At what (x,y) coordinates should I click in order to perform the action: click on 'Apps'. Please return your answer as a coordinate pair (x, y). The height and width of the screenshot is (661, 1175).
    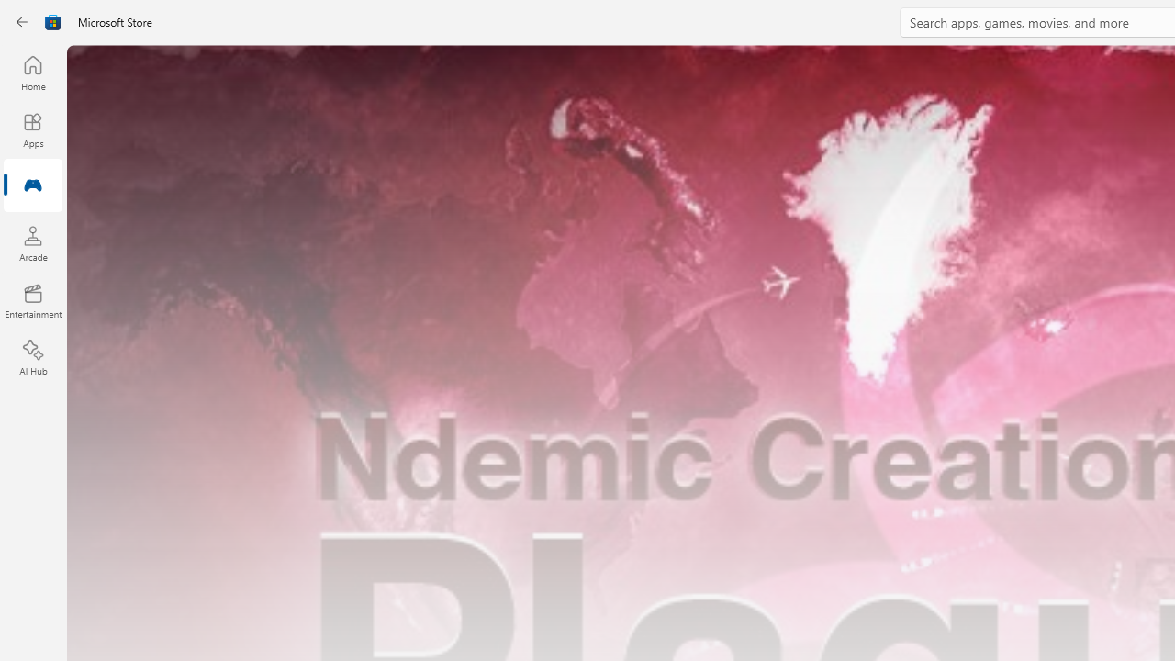
    Looking at the image, I should click on (32, 129).